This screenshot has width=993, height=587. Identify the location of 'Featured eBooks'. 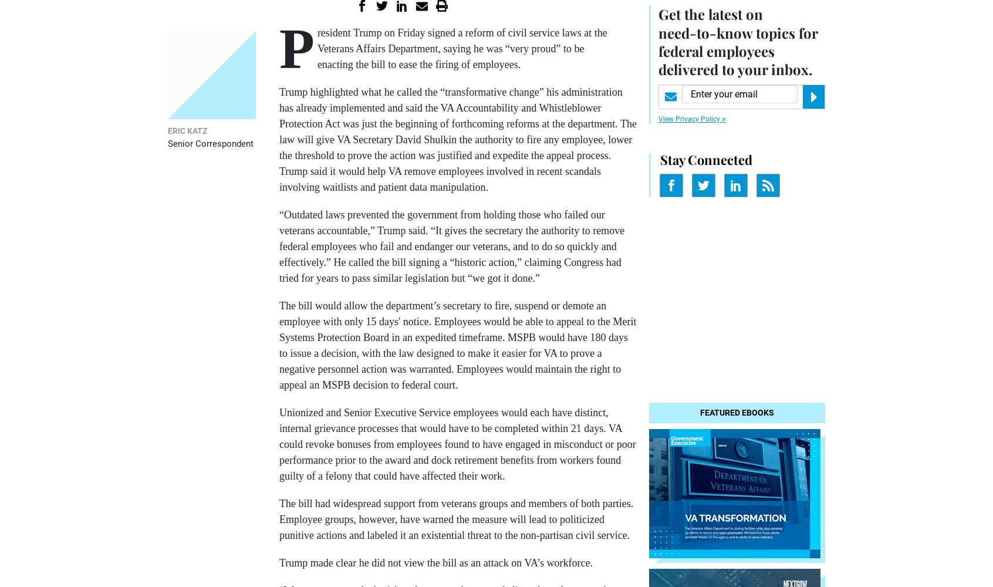
(737, 412).